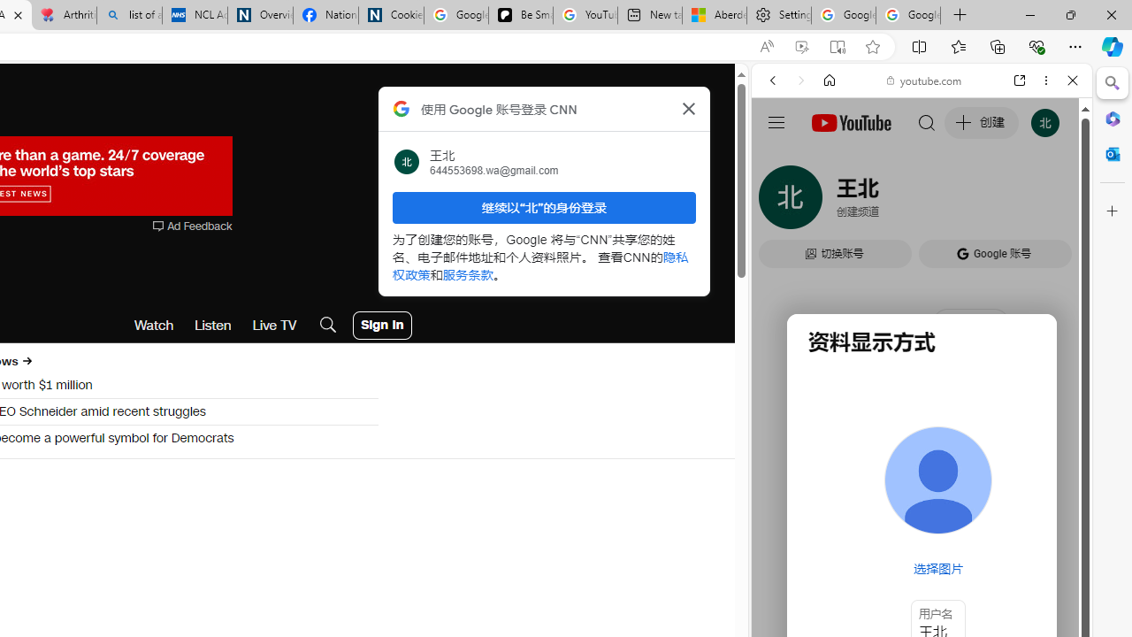 The image size is (1132, 637). I want to click on 'Listen', so click(212, 325).